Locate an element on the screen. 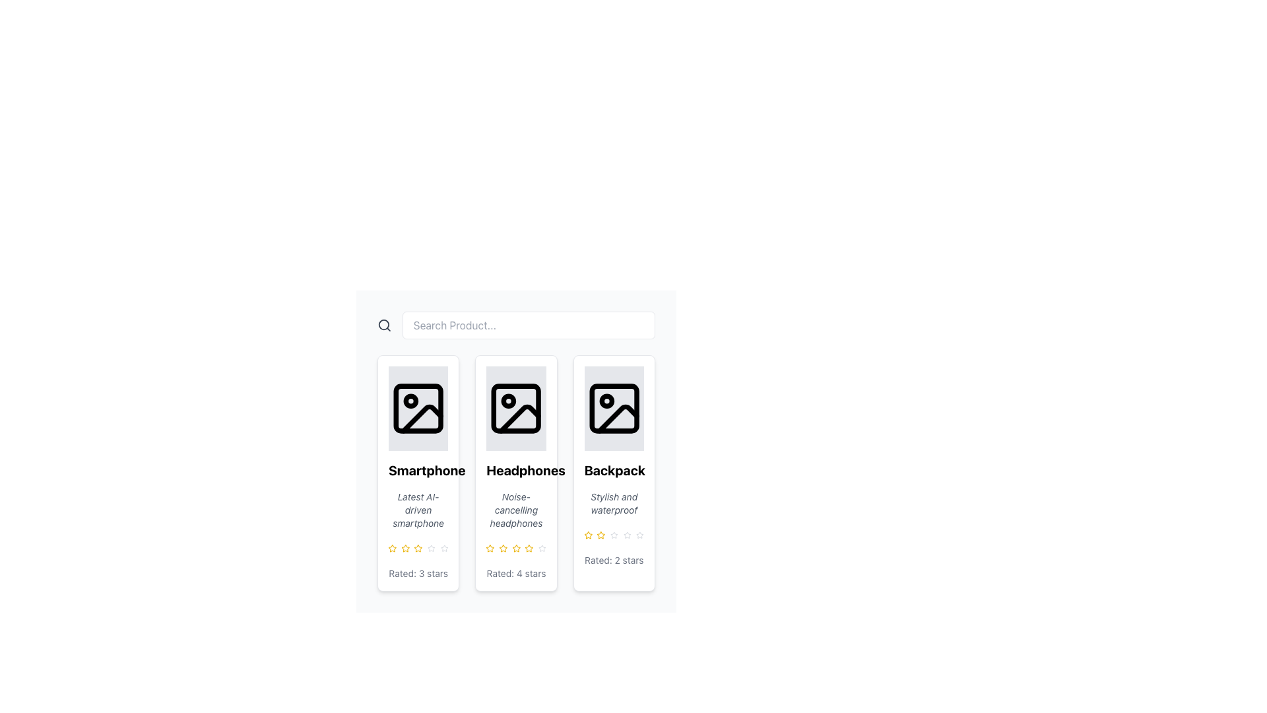  the first card component in the grid, which features a product image, the title 'Smartphone,' a description 'Latest AI-driven smartphone,' and a rating of 3 stars is located at coordinates (418, 473).